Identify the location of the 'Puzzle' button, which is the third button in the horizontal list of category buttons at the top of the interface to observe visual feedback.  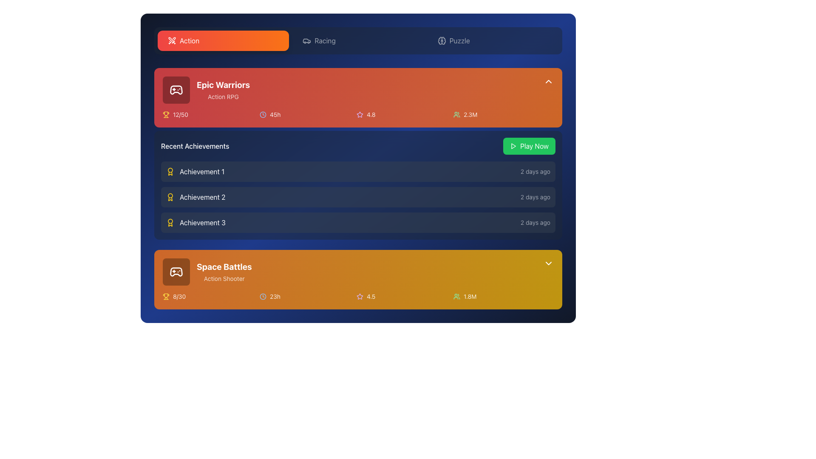
(493, 41).